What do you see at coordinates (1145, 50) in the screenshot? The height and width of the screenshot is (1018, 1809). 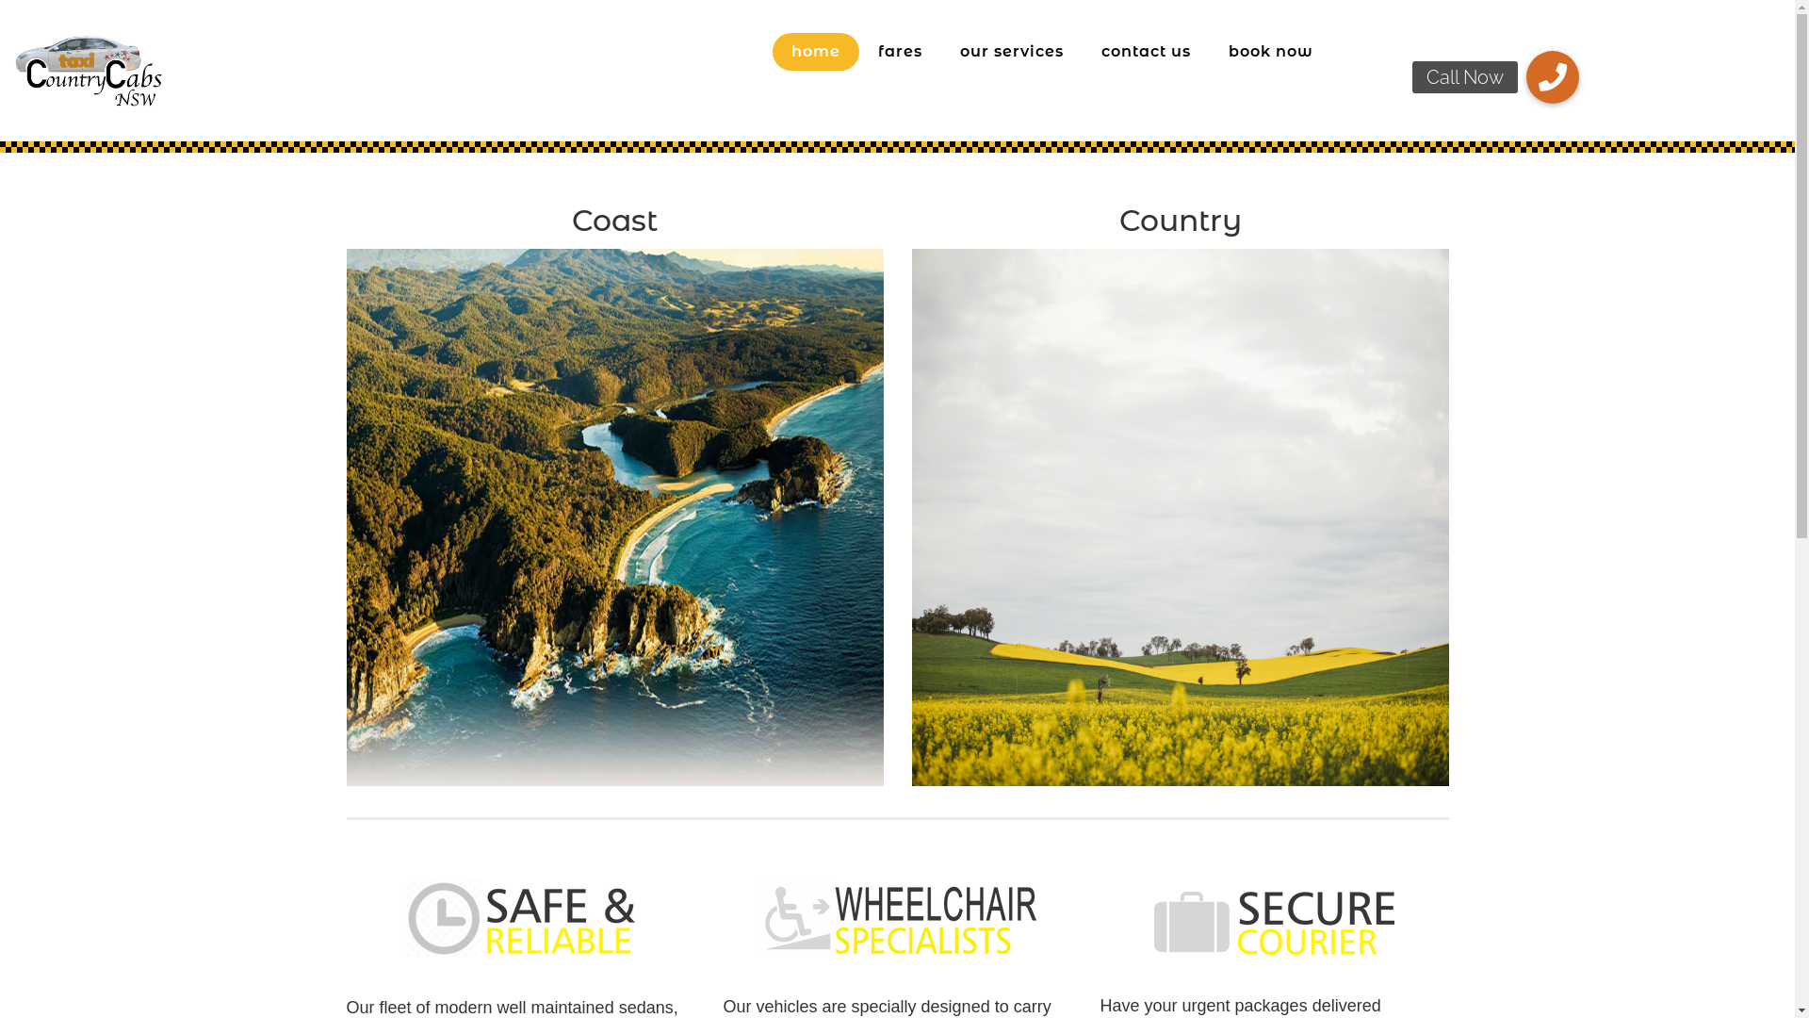 I see `'contact us'` at bounding box center [1145, 50].